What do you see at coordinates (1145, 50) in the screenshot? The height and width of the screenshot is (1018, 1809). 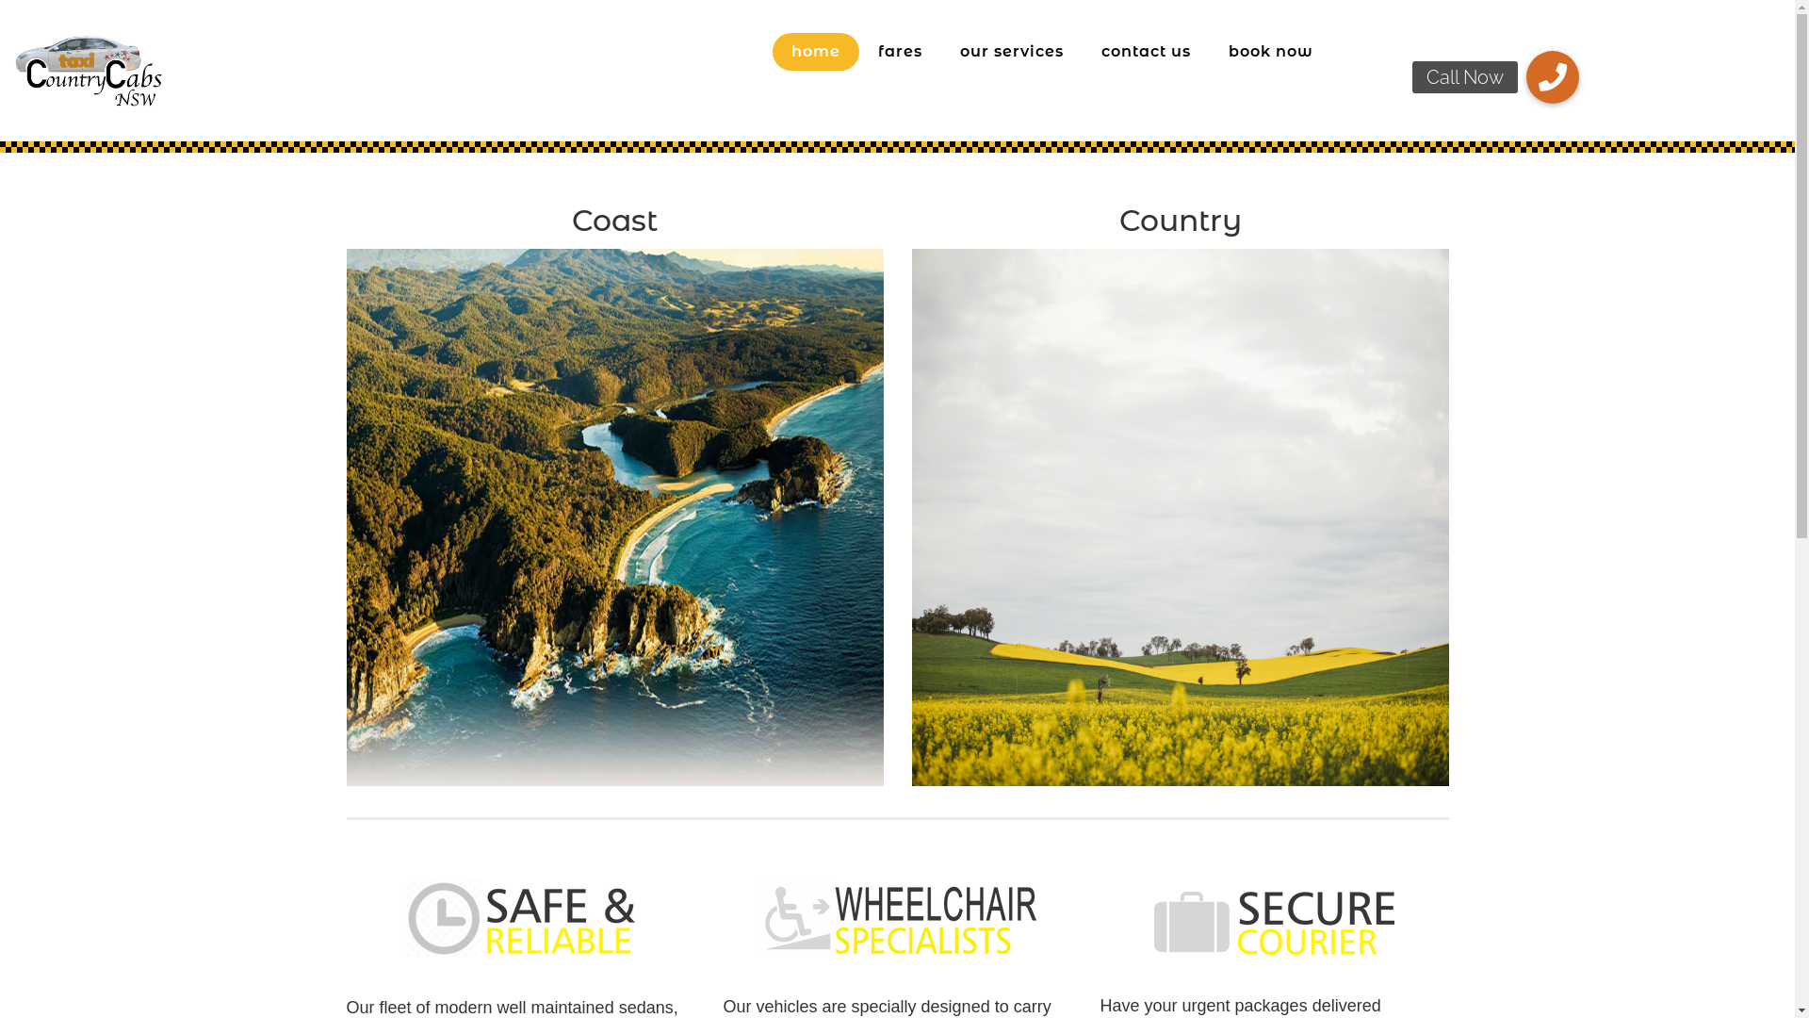 I see `'contact us'` at bounding box center [1145, 50].